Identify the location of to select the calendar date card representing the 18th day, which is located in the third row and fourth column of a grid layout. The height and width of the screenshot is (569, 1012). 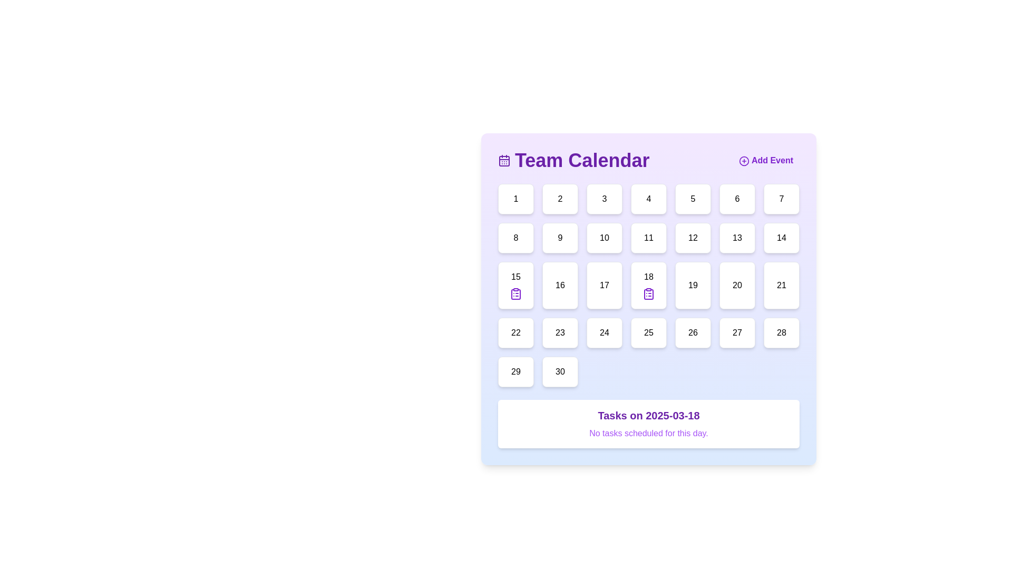
(648, 286).